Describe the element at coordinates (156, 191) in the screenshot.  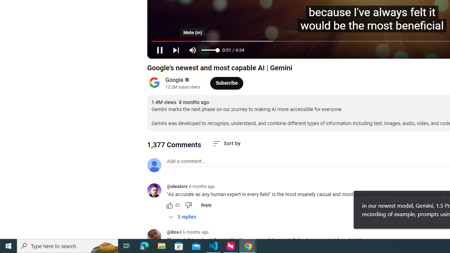
I see `'@ideatorx'` at that location.